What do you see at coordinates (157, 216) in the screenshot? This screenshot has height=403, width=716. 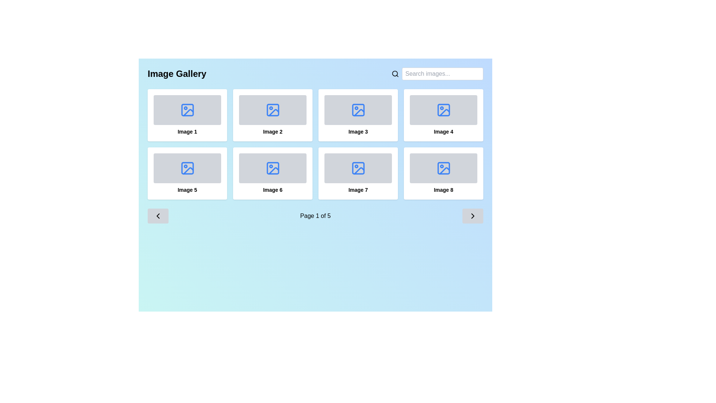 I see `the left-facing chevron icon button used for 'previous' navigation, located at the bottom-left corner of the gallery interface` at bounding box center [157, 216].